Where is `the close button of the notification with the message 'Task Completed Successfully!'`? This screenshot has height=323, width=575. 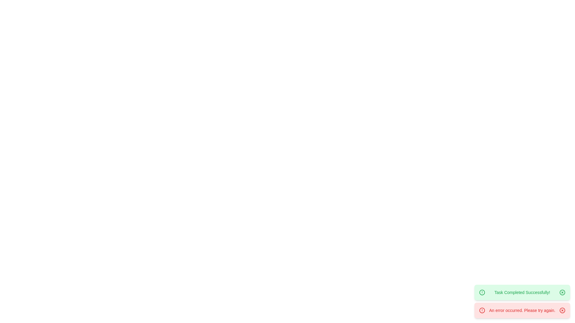 the close button of the notification with the message 'Task Completed Successfully!' is located at coordinates (562, 292).